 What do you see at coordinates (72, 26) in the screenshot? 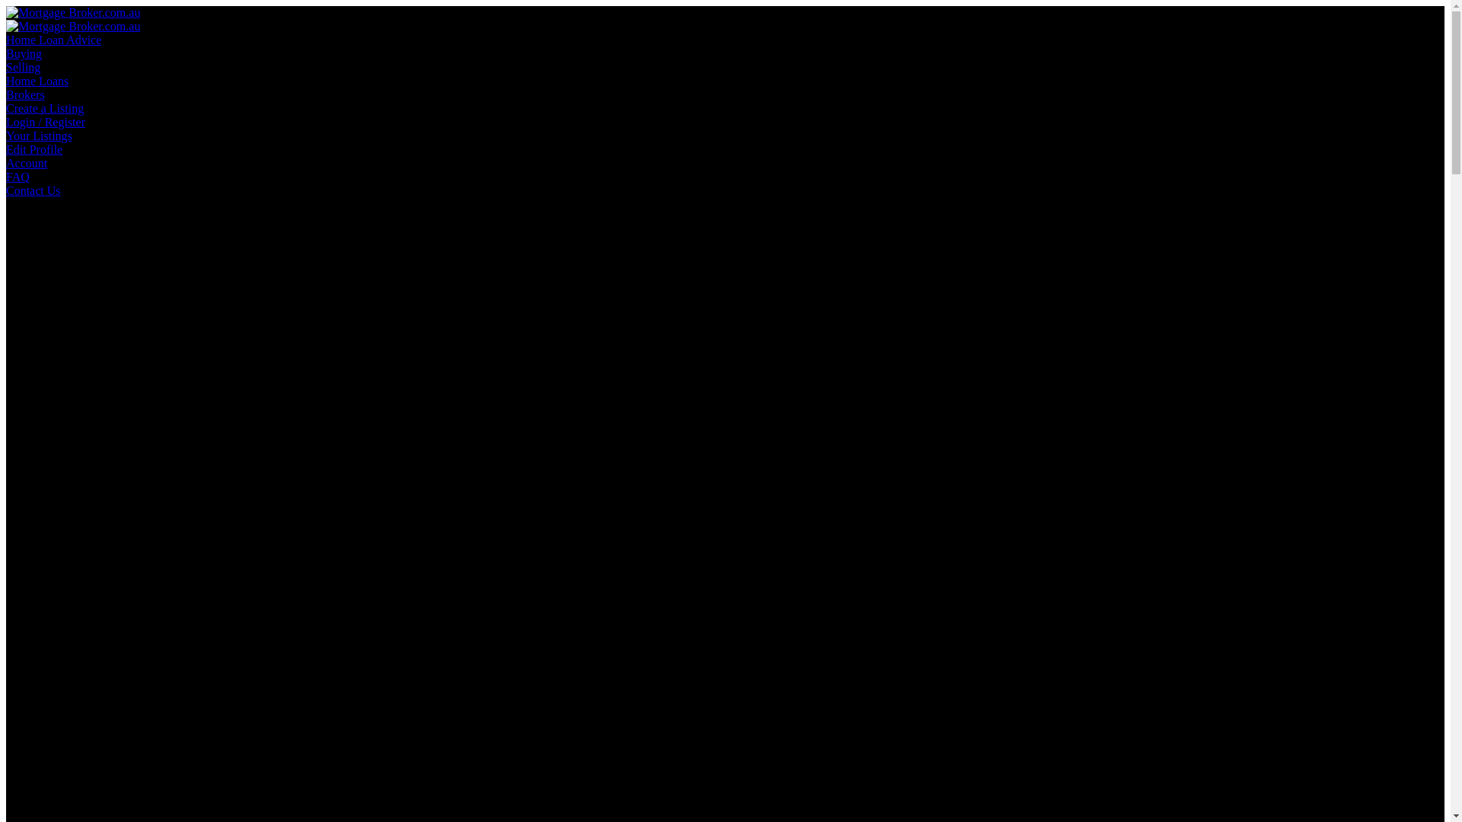
I see `'Mortgage Broker.com.au'` at bounding box center [72, 26].